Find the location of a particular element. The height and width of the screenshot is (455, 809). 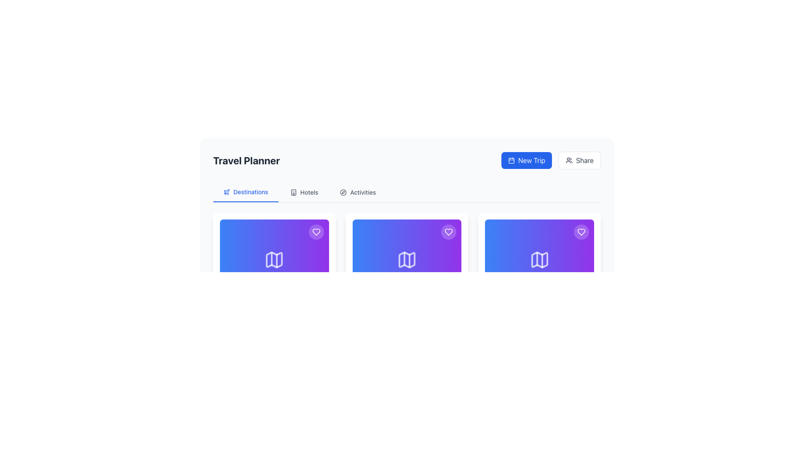

the white heart icon button outlined in a simple line style located in the top-right corner of the purple card is located at coordinates (581, 232).